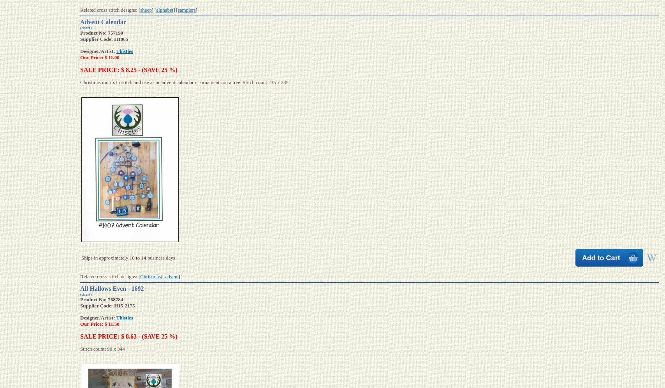 Image resolution: width=665 pixels, height=388 pixels. I want to click on 'Advent Calendar', so click(80, 21).